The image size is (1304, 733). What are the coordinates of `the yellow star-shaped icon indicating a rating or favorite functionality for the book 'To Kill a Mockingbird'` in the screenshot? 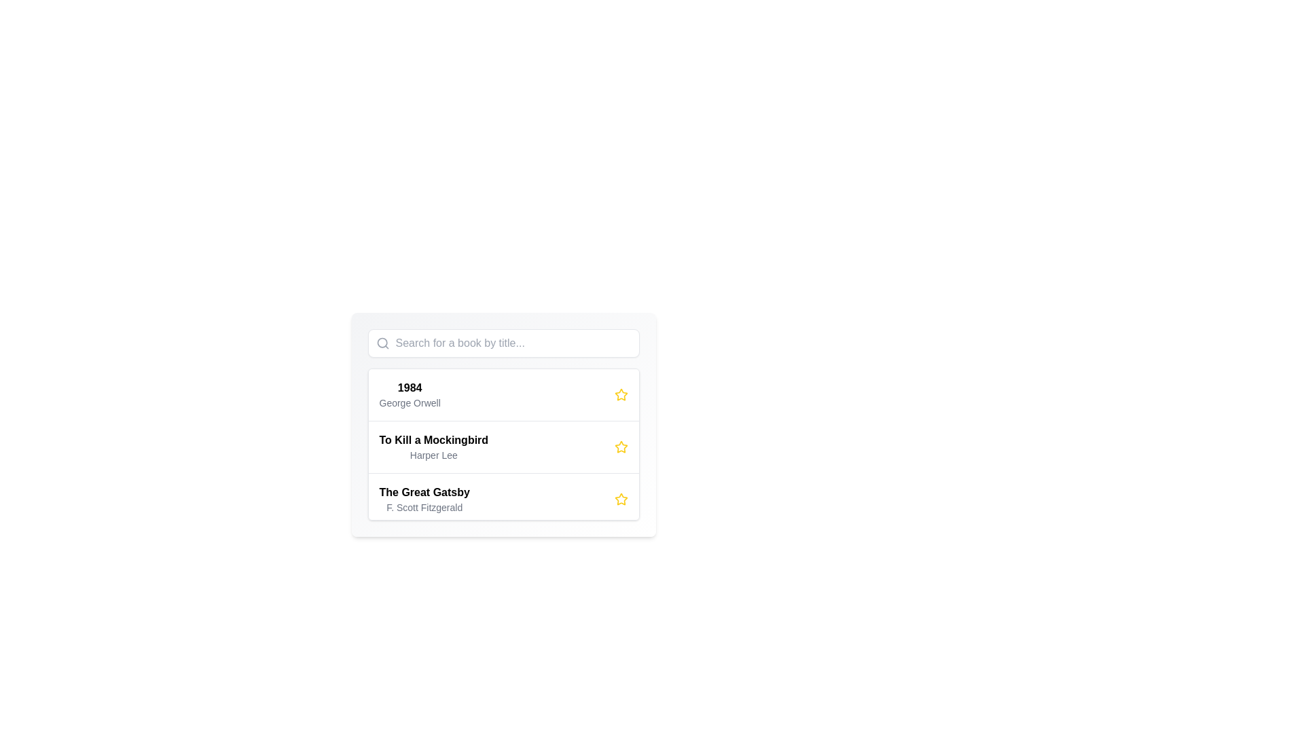 It's located at (620, 447).